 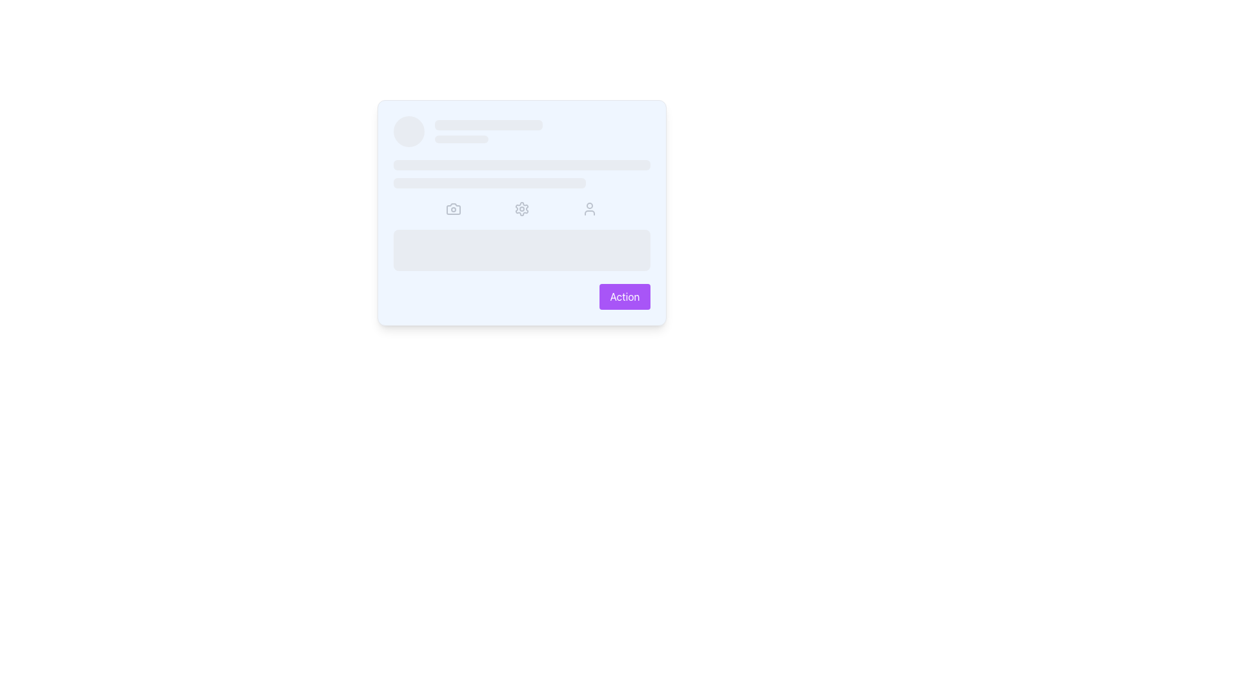 What do you see at coordinates (521, 132) in the screenshot?
I see `inside the profile summary placeholders located at the top-left of the blue-bordered card component for user interaction` at bounding box center [521, 132].